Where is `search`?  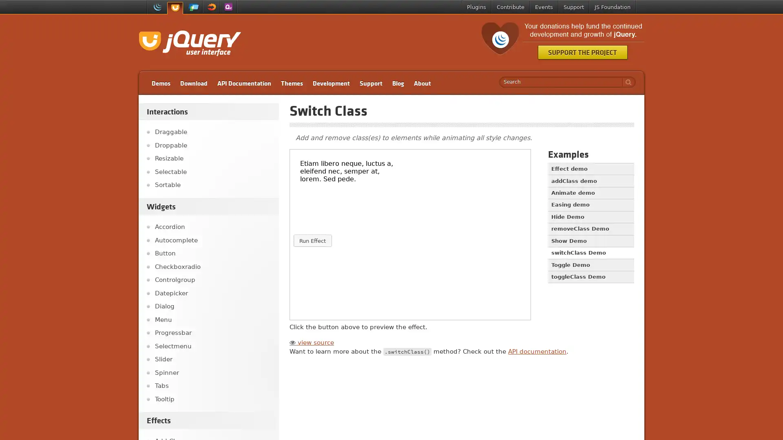 search is located at coordinates (626, 82).